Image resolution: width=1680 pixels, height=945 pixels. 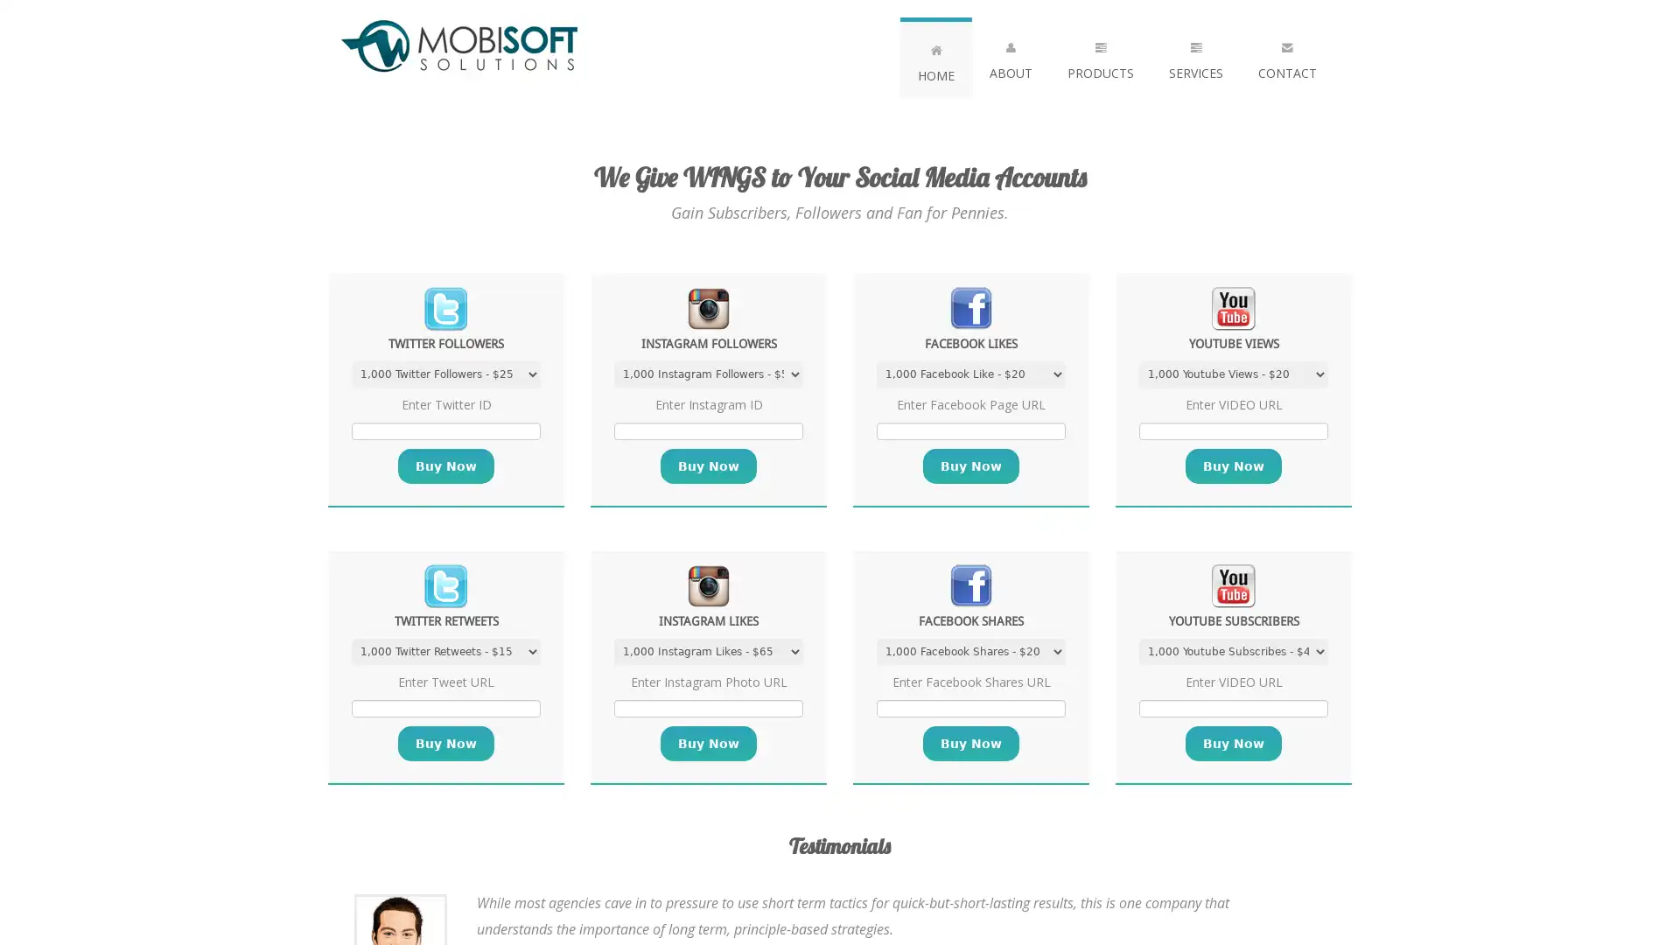 What do you see at coordinates (445, 743) in the screenshot?
I see `Buy Now` at bounding box center [445, 743].